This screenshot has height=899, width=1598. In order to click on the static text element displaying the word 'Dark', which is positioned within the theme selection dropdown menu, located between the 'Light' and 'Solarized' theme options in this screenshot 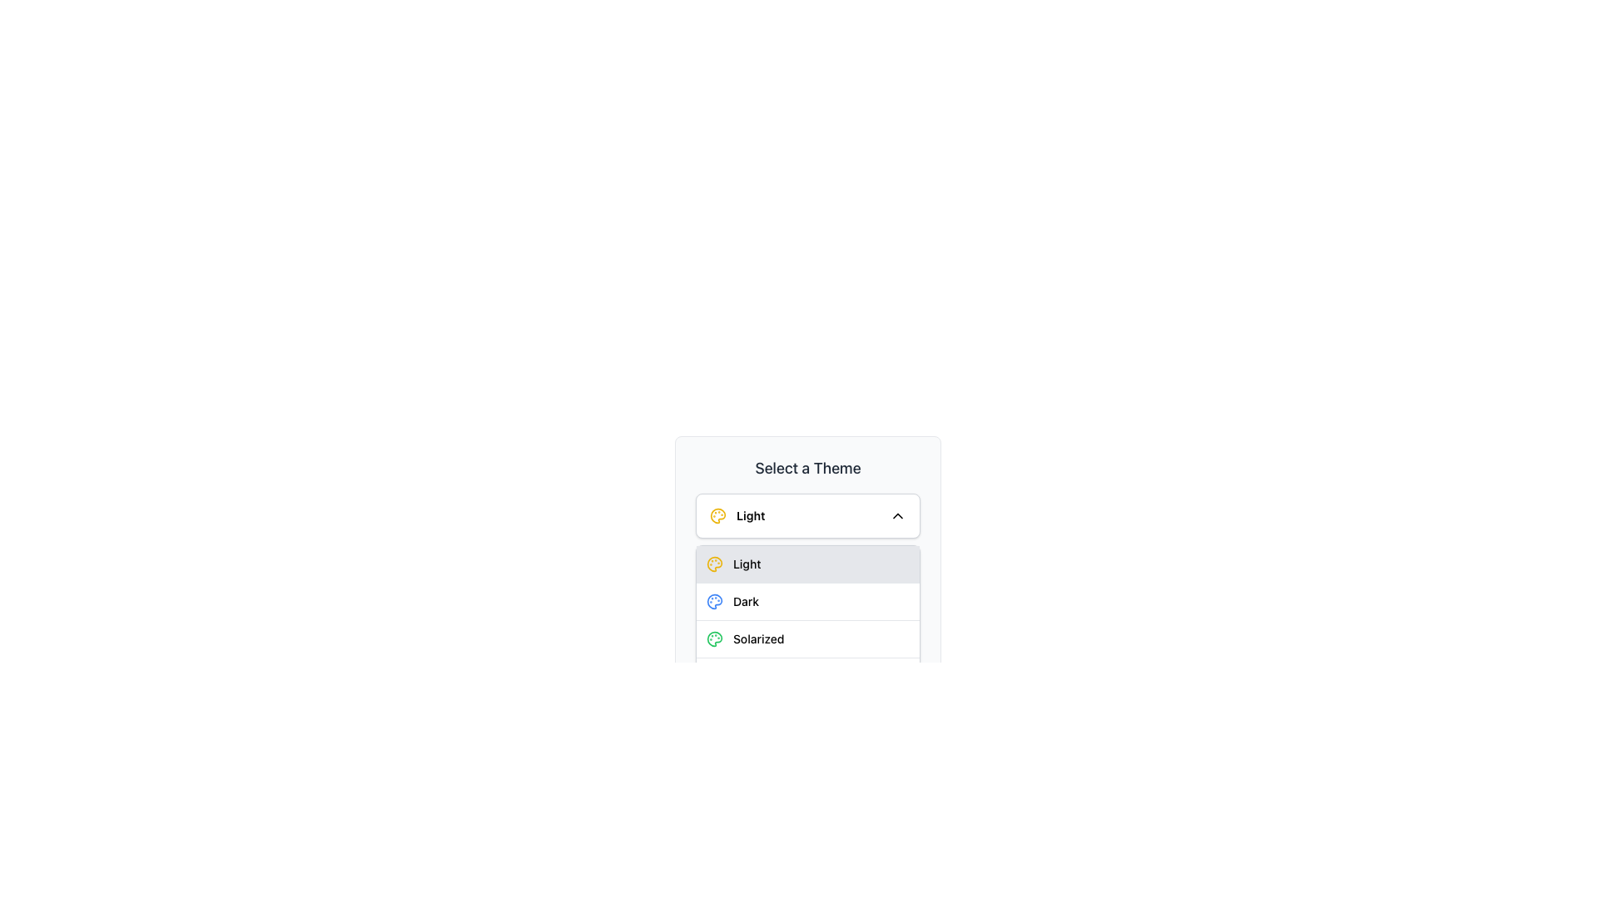, I will do `click(745, 601)`.